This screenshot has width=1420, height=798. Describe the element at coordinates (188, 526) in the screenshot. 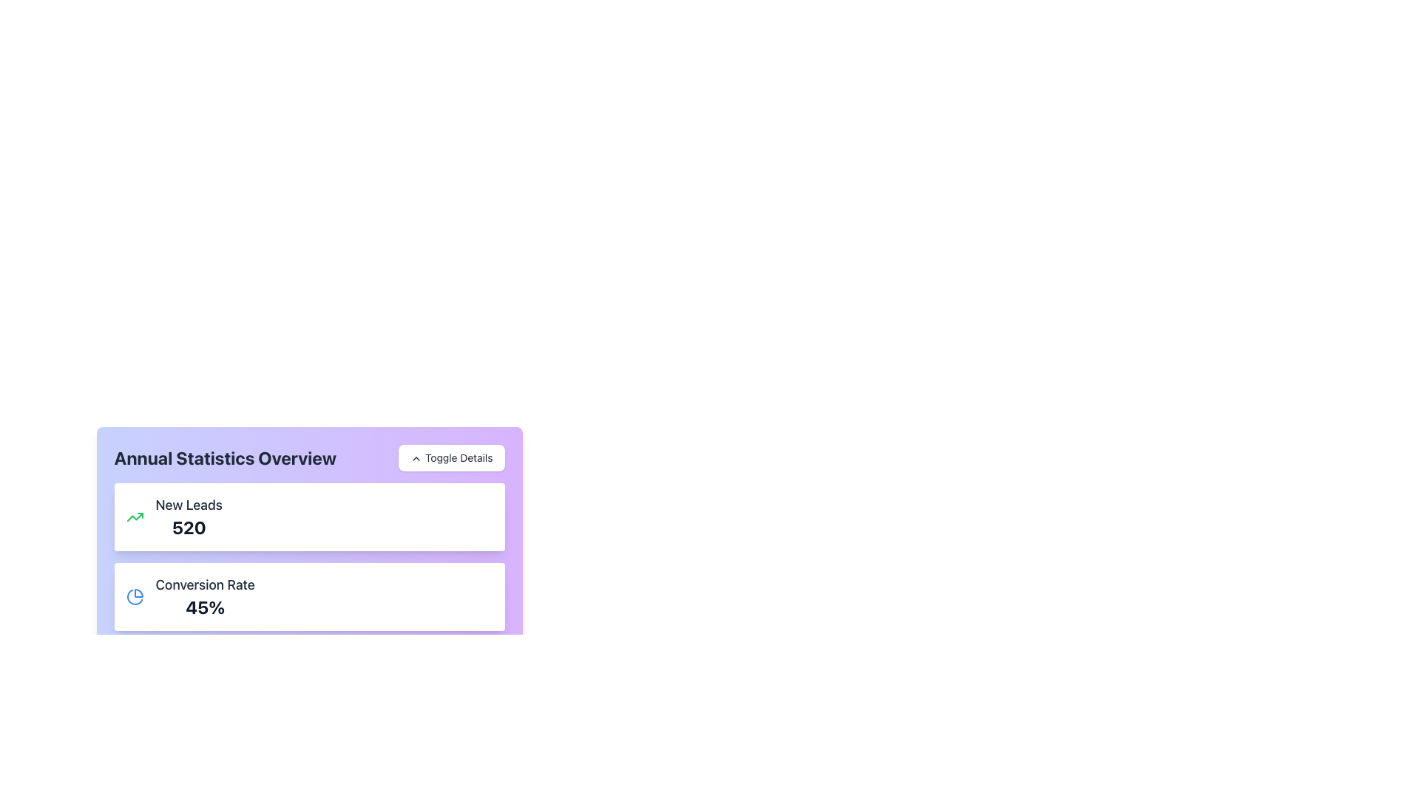

I see `the text element displaying the number of new leads, which is located within the 'New Leads' card under the 'Annual Statistics Overview' heading` at that location.